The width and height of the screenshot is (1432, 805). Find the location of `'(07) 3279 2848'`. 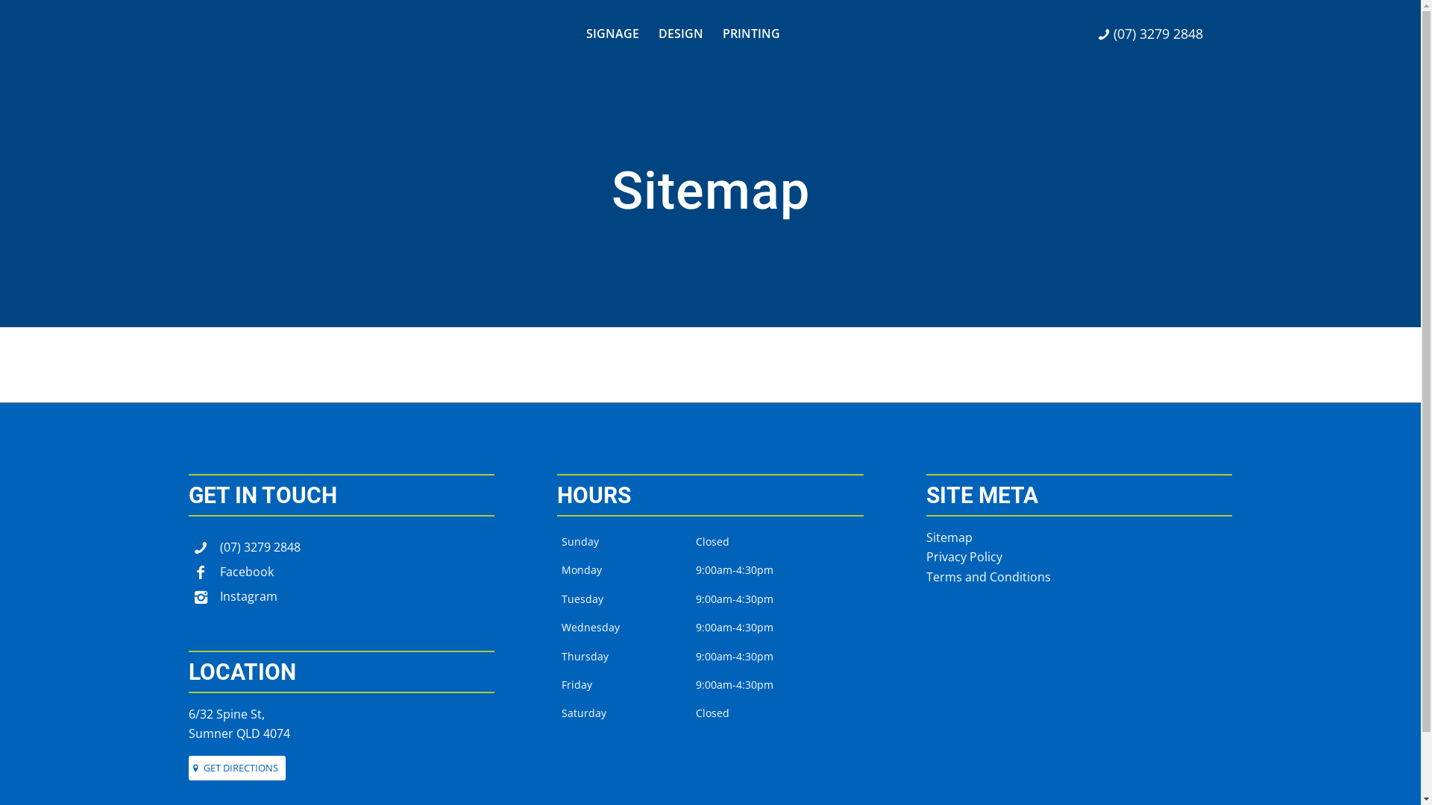

'(07) 3279 2848' is located at coordinates (1077, 34).